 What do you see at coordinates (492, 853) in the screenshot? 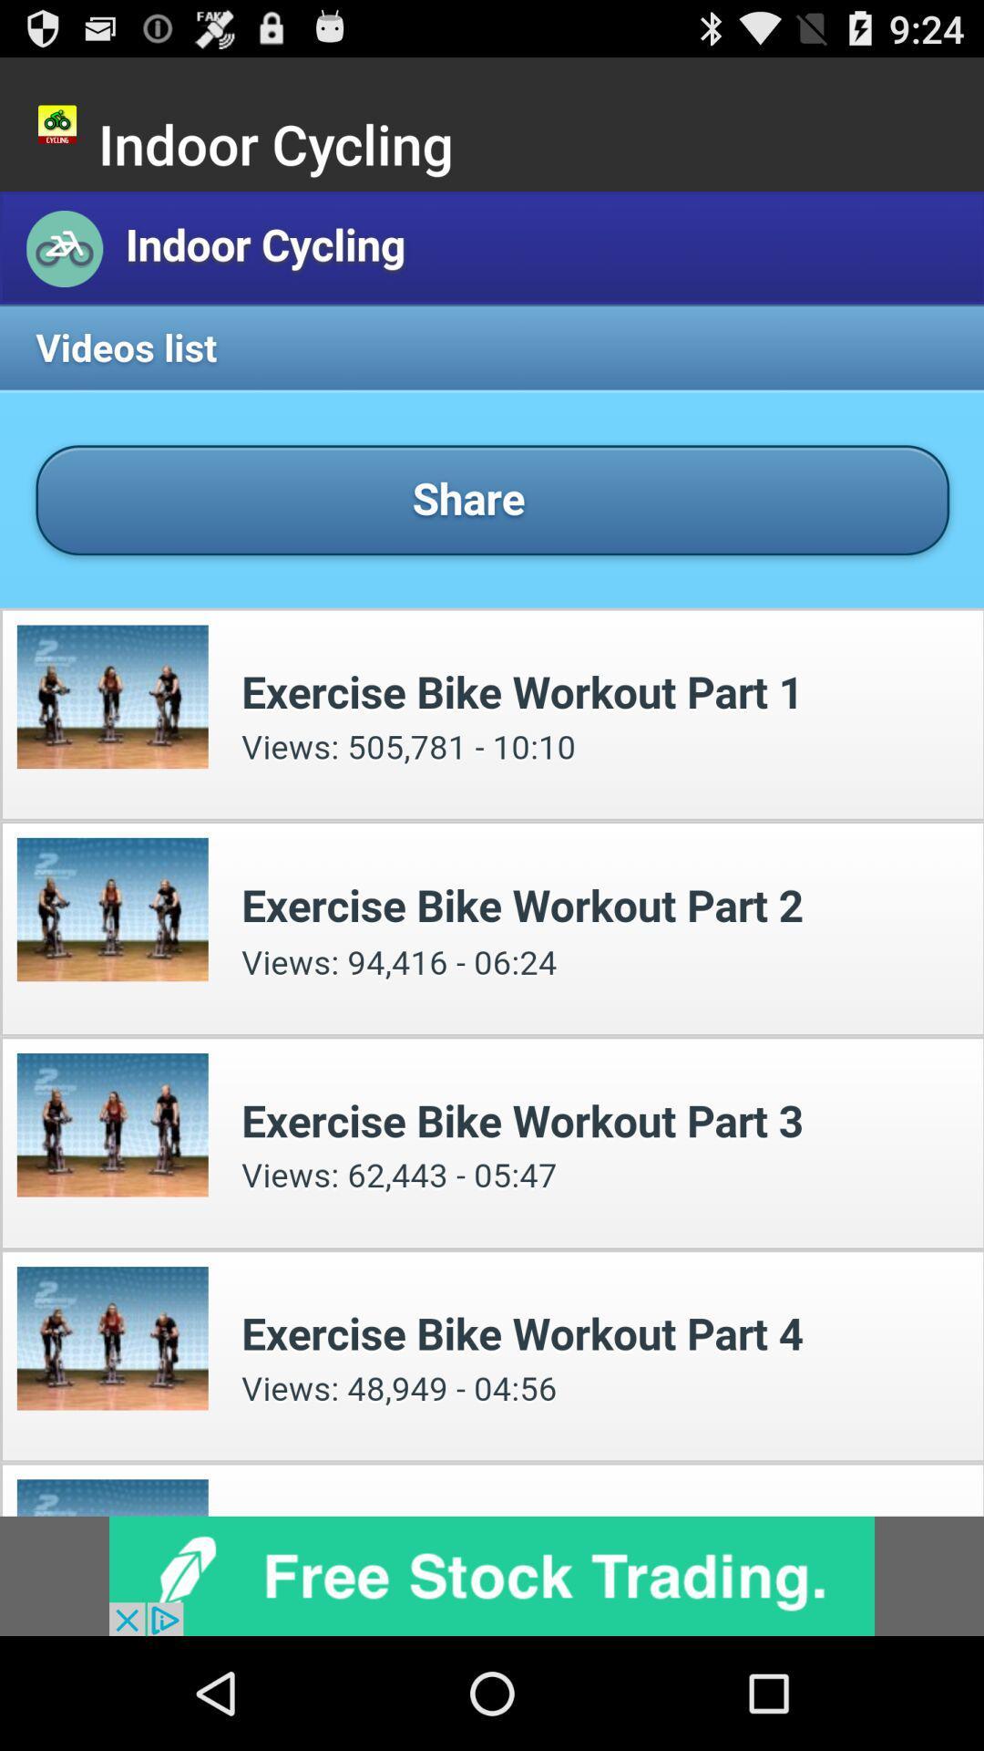
I see `bike workout instruction` at bounding box center [492, 853].